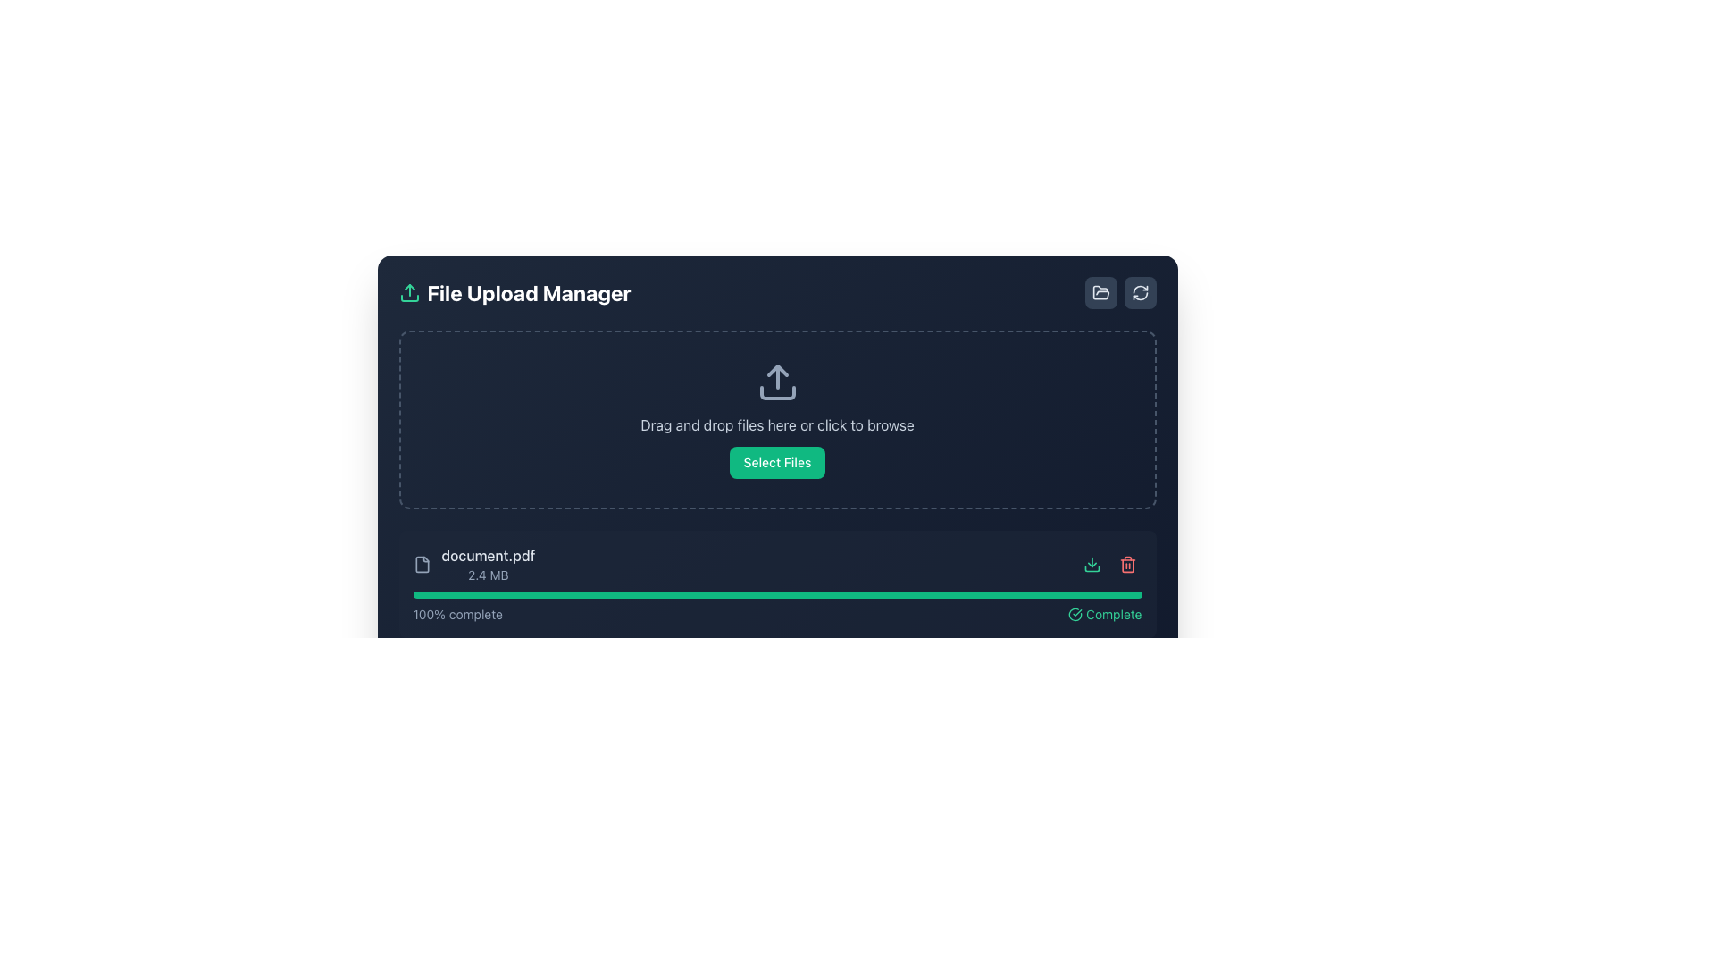 This screenshot has width=1715, height=965. Describe the element at coordinates (408, 291) in the screenshot. I see `the upload icon, which is styled as an upward-pointing arrow in bright emerald green, located to the left of the 'File Upload Manager' text in the header` at that location.